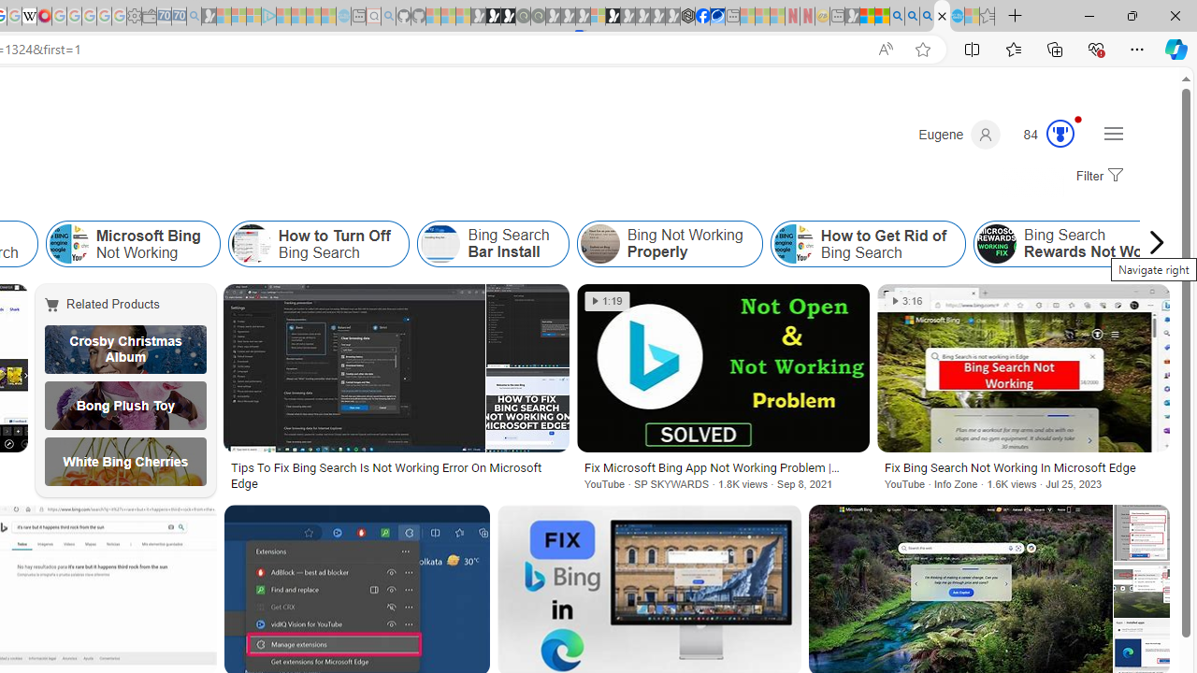 This screenshot has height=673, width=1197. I want to click on 'How to Get Rid of Bing Search', so click(867, 243).